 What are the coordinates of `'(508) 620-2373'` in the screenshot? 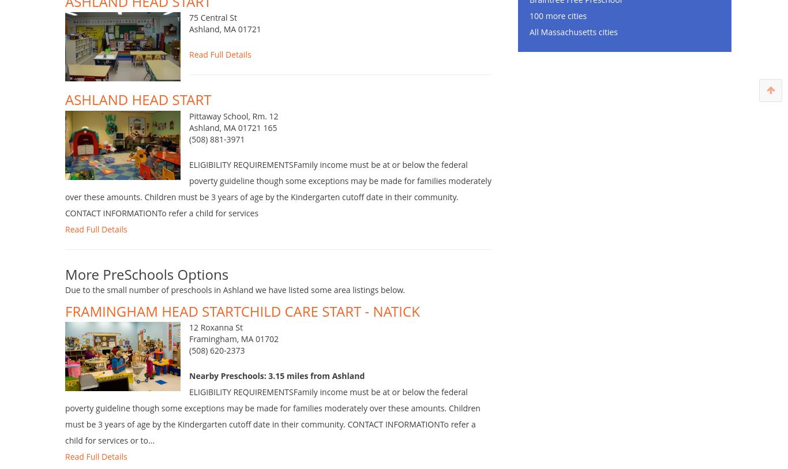 It's located at (189, 368).